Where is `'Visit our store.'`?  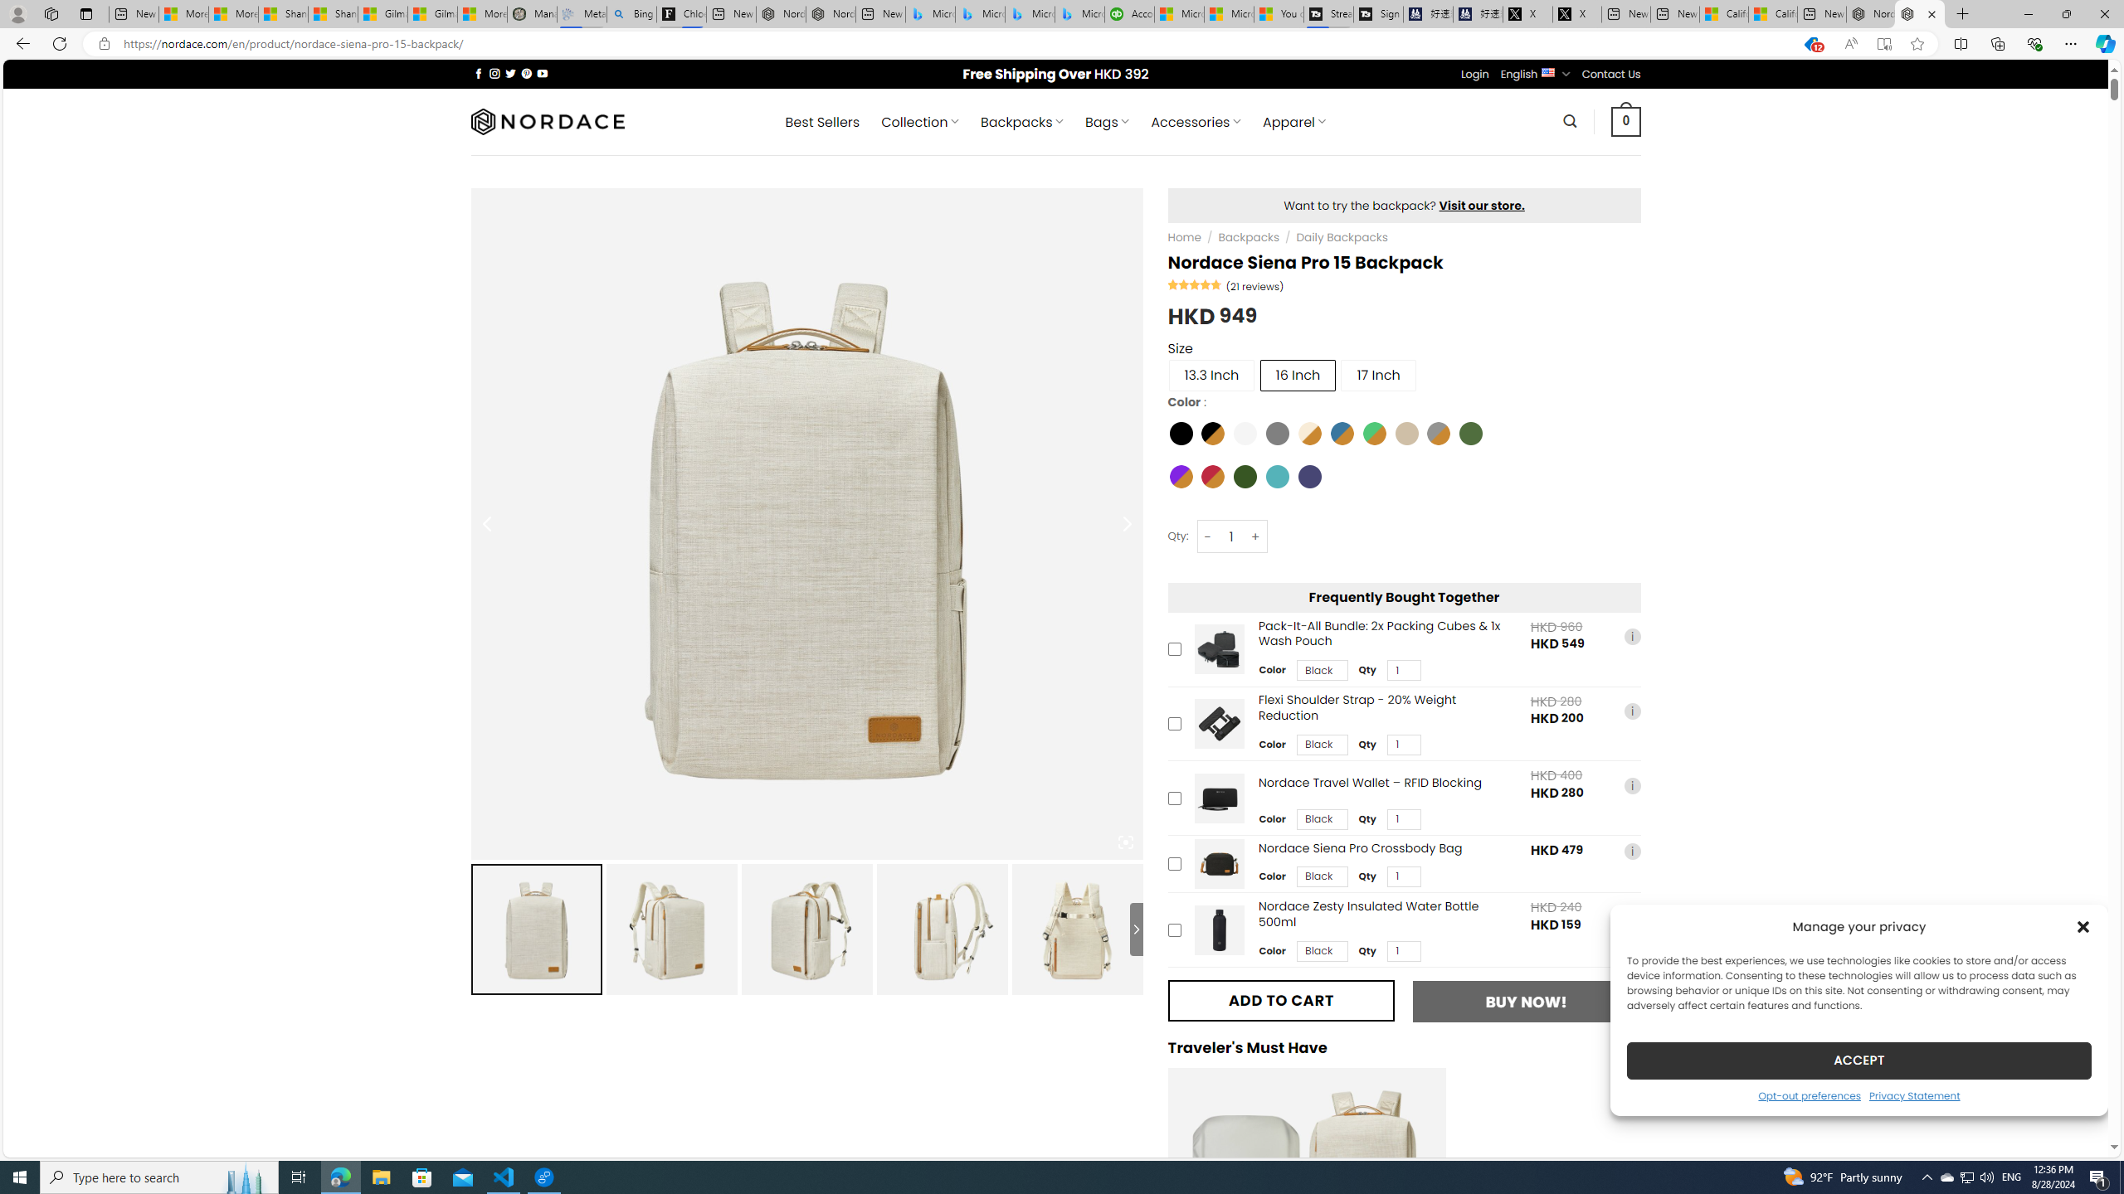
'Visit our store.' is located at coordinates (1481, 204).